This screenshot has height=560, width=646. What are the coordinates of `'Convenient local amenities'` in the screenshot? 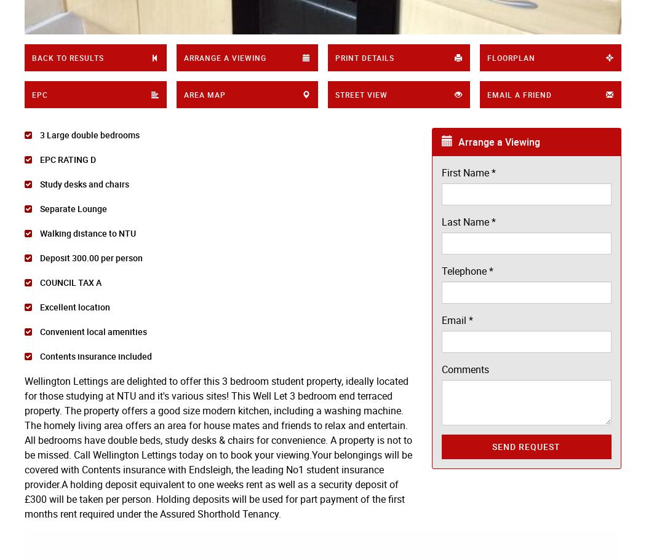 It's located at (92, 331).